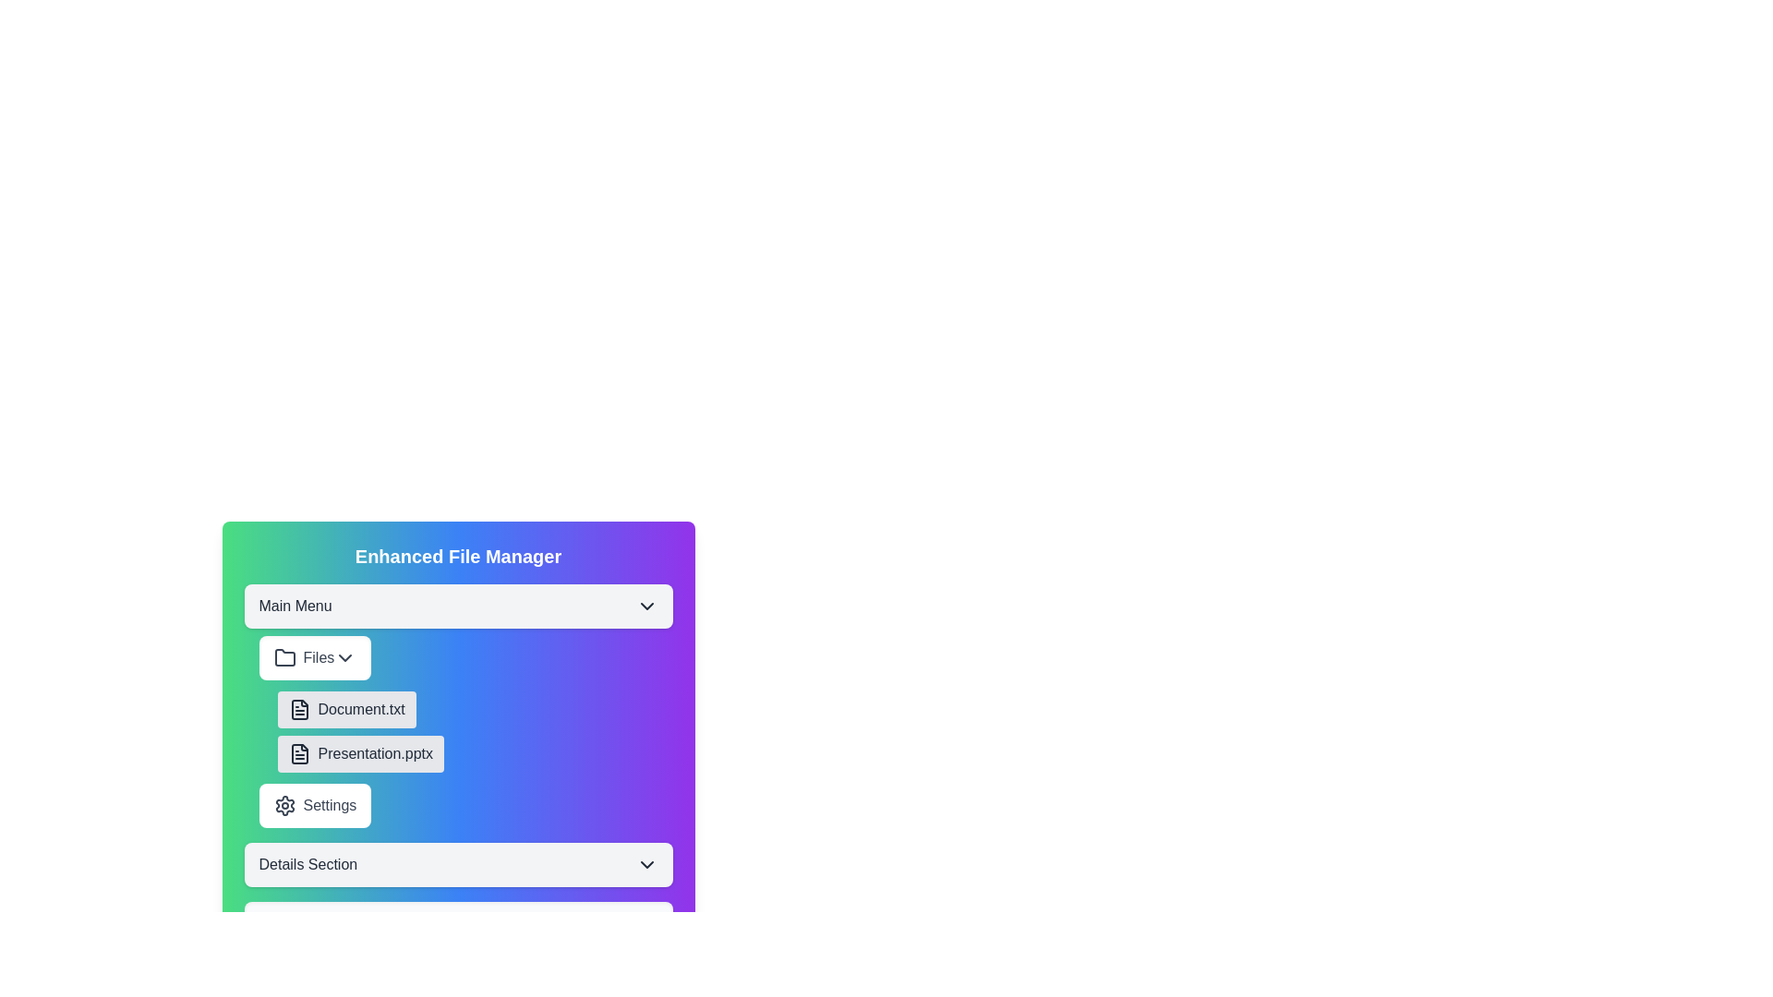  I want to click on the navigation button located underneath the 'Presentation.pptx' item in the vertically arranged list, so click(315, 804).